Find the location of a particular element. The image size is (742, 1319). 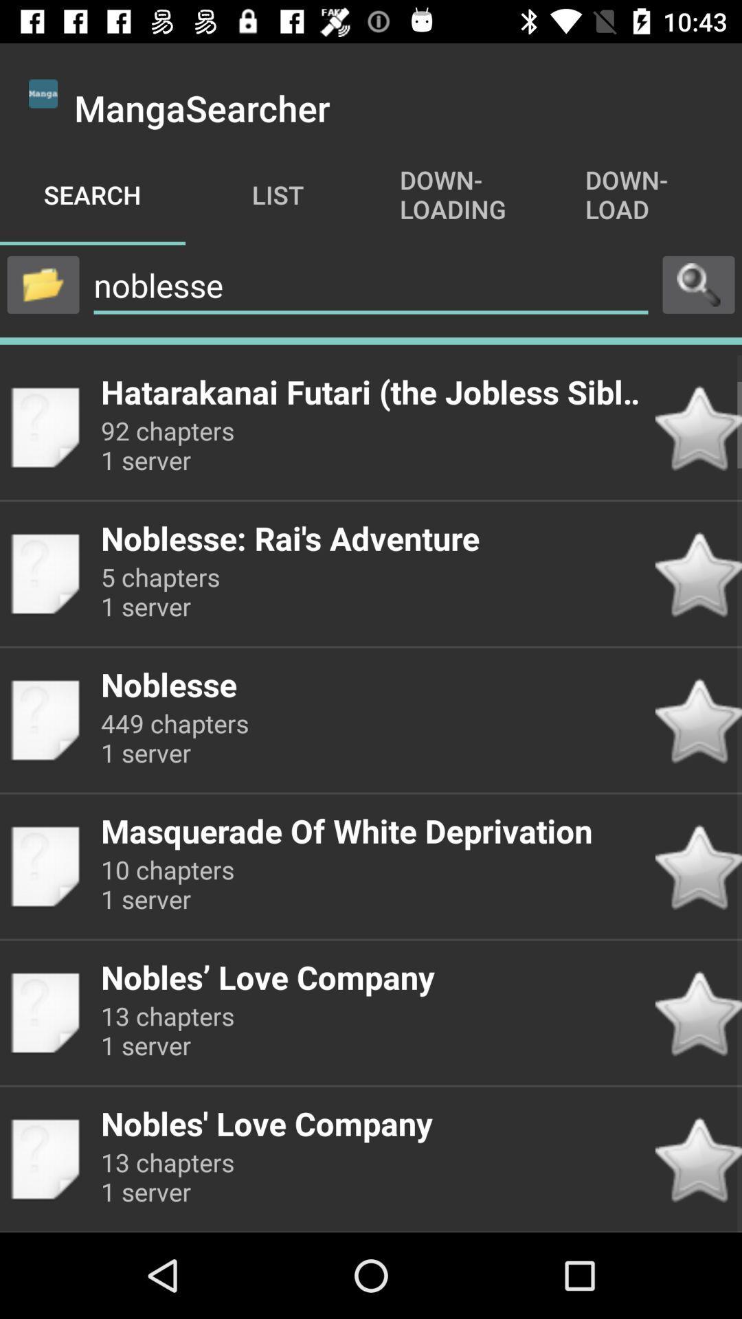

execute search is located at coordinates (699, 284).